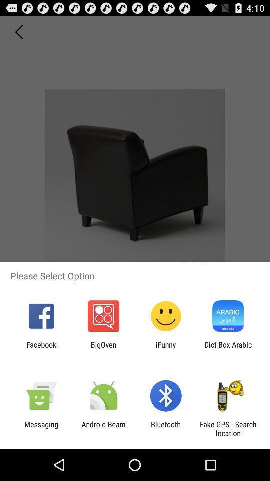 This screenshot has height=481, width=270. What do you see at coordinates (103, 428) in the screenshot?
I see `the android beam icon` at bounding box center [103, 428].